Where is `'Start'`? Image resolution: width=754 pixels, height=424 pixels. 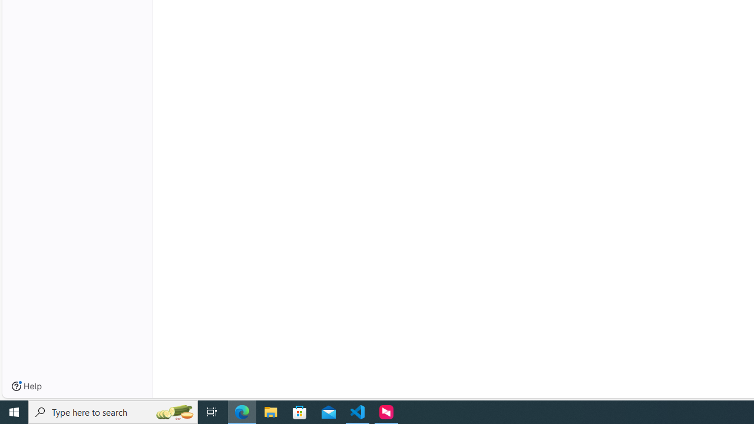
'Start' is located at coordinates (14, 411).